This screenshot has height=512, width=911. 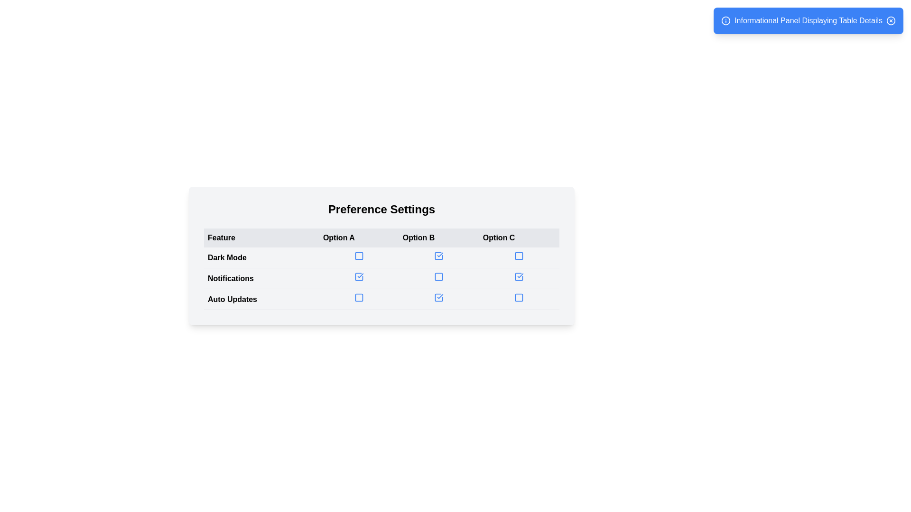 What do you see at coordinates (358, 297) in the screenshot?
I see `the checkbox located in the third row and first column of the 'Preference Settings' table under the 'Feature' column next to the 'Auto Updates' label to trigger the focus effect` at bounding box center [358, 297].